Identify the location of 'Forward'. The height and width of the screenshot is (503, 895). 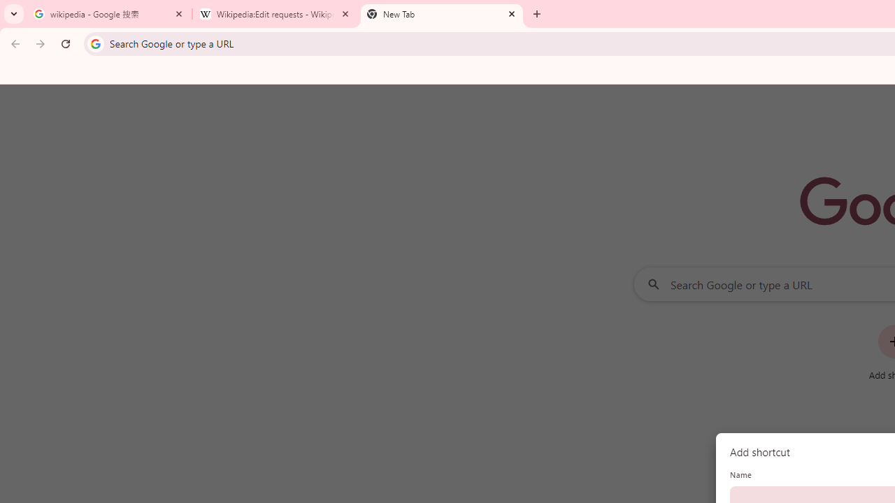
(41, 43).